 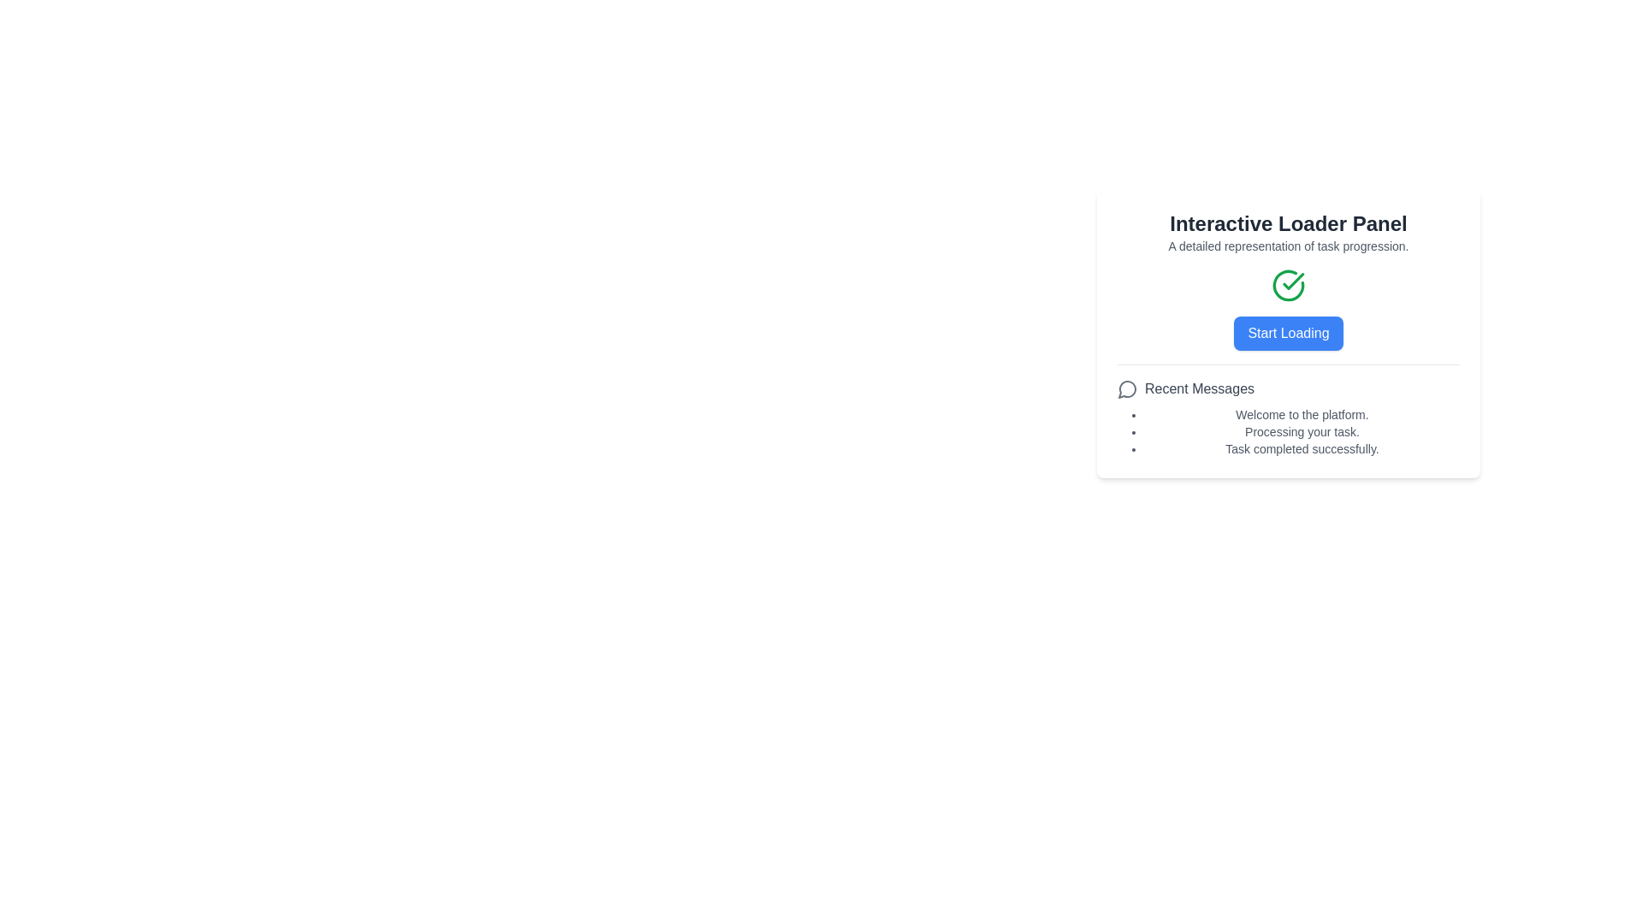 I want to click on the text label that reads 'A detailed representation of task progression.' which is located below the title 'Interactive Loader Panel', so click(x=1289, y=246).